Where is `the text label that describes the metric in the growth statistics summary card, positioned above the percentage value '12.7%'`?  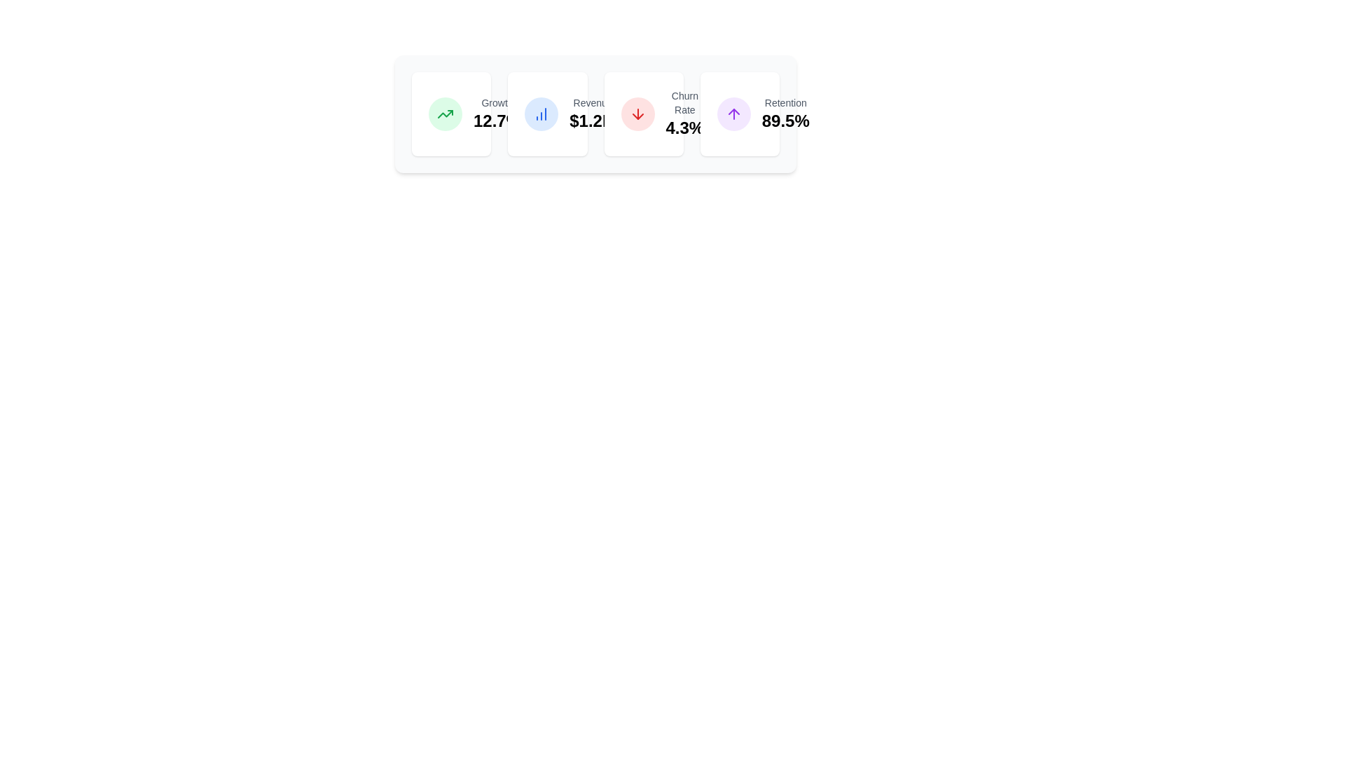 the text label that describes the metric in the growth statistics summary card, positioned above the percentage value '12.7%' is located at coordinates (497, 102).